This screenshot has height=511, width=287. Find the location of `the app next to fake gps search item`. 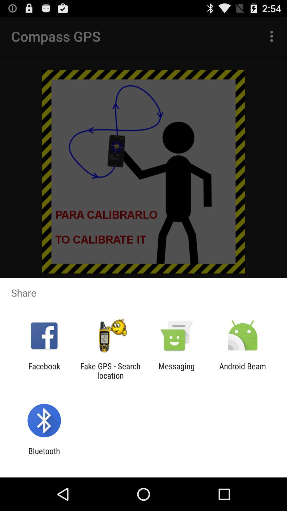

the app next to fake gps search item is located at coordinates (44, 370).